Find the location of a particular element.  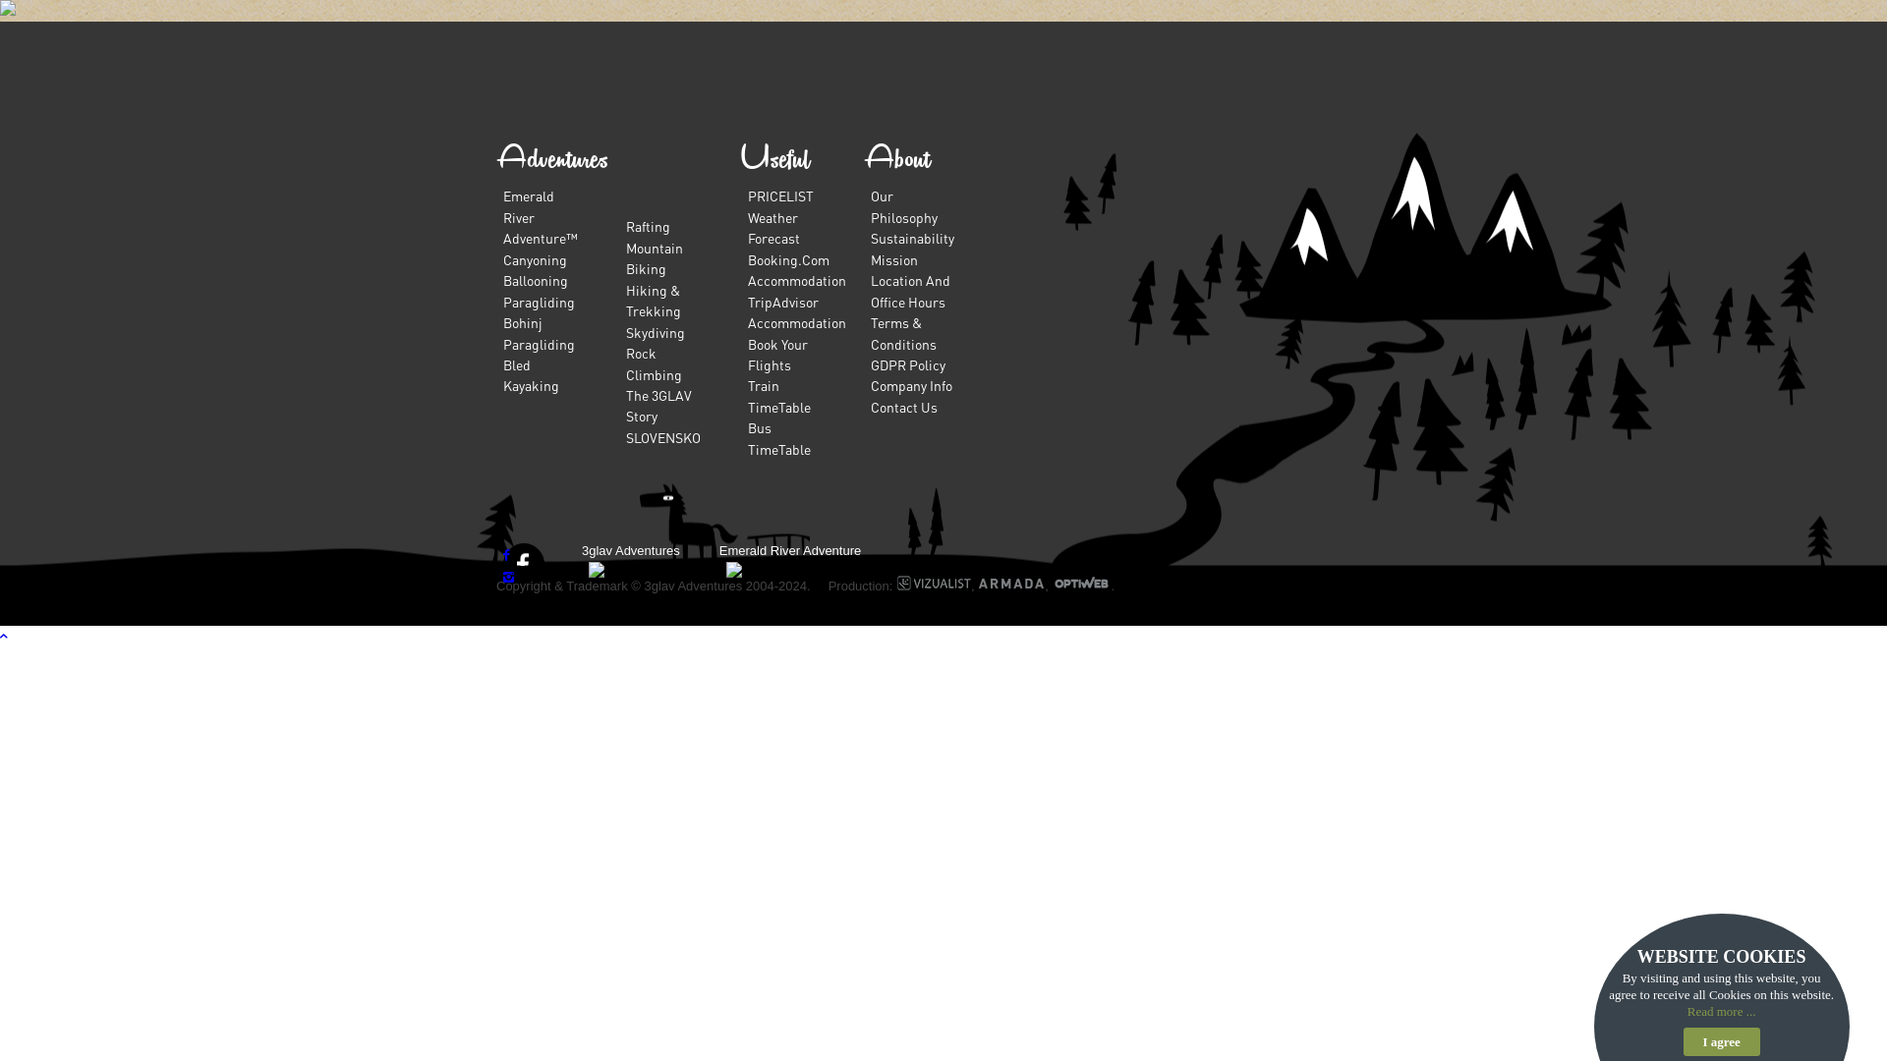

'SLOVENSKO' is located at coordinates (663, 435).